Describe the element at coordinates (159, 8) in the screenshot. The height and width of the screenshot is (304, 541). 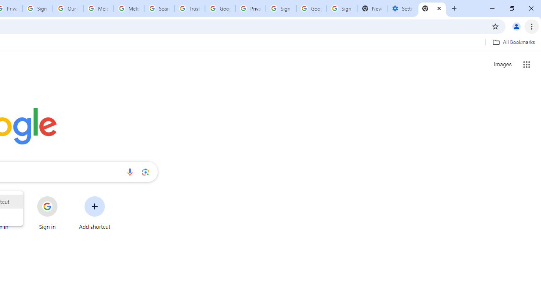
I see `'Search our Doodle Library Collection - Google Doodles'` at that location.